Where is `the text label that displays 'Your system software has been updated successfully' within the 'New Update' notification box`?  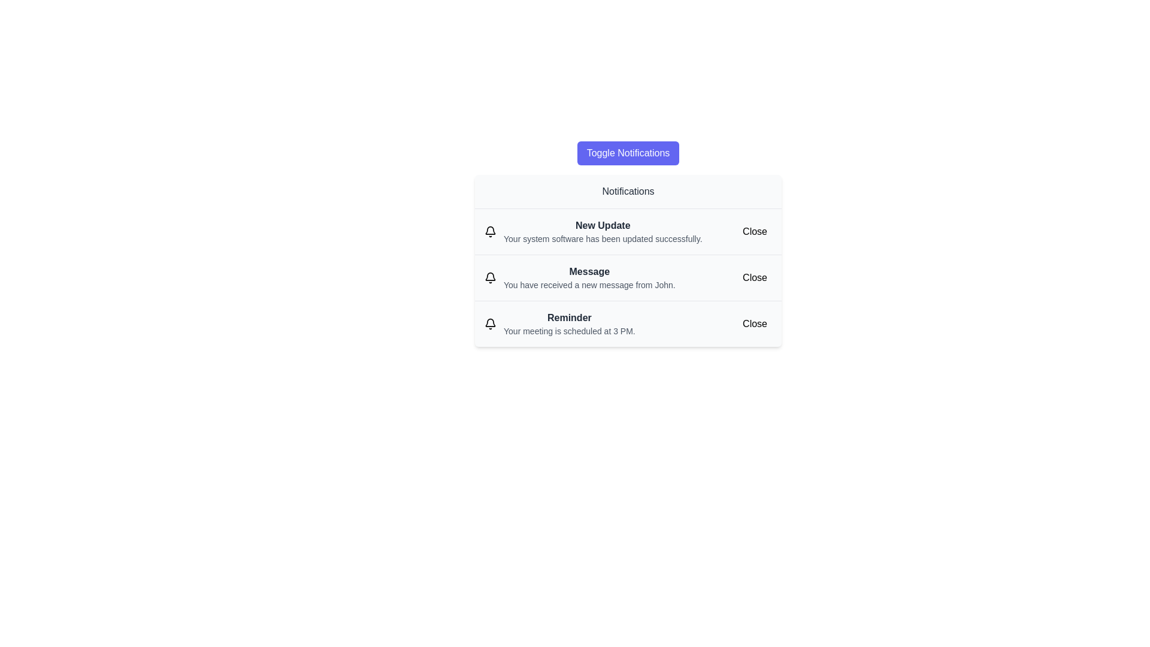
the text label that displays 'Your system software has been updated successfully' within the 'New Update' notification box is located at coordinates (603, 238).